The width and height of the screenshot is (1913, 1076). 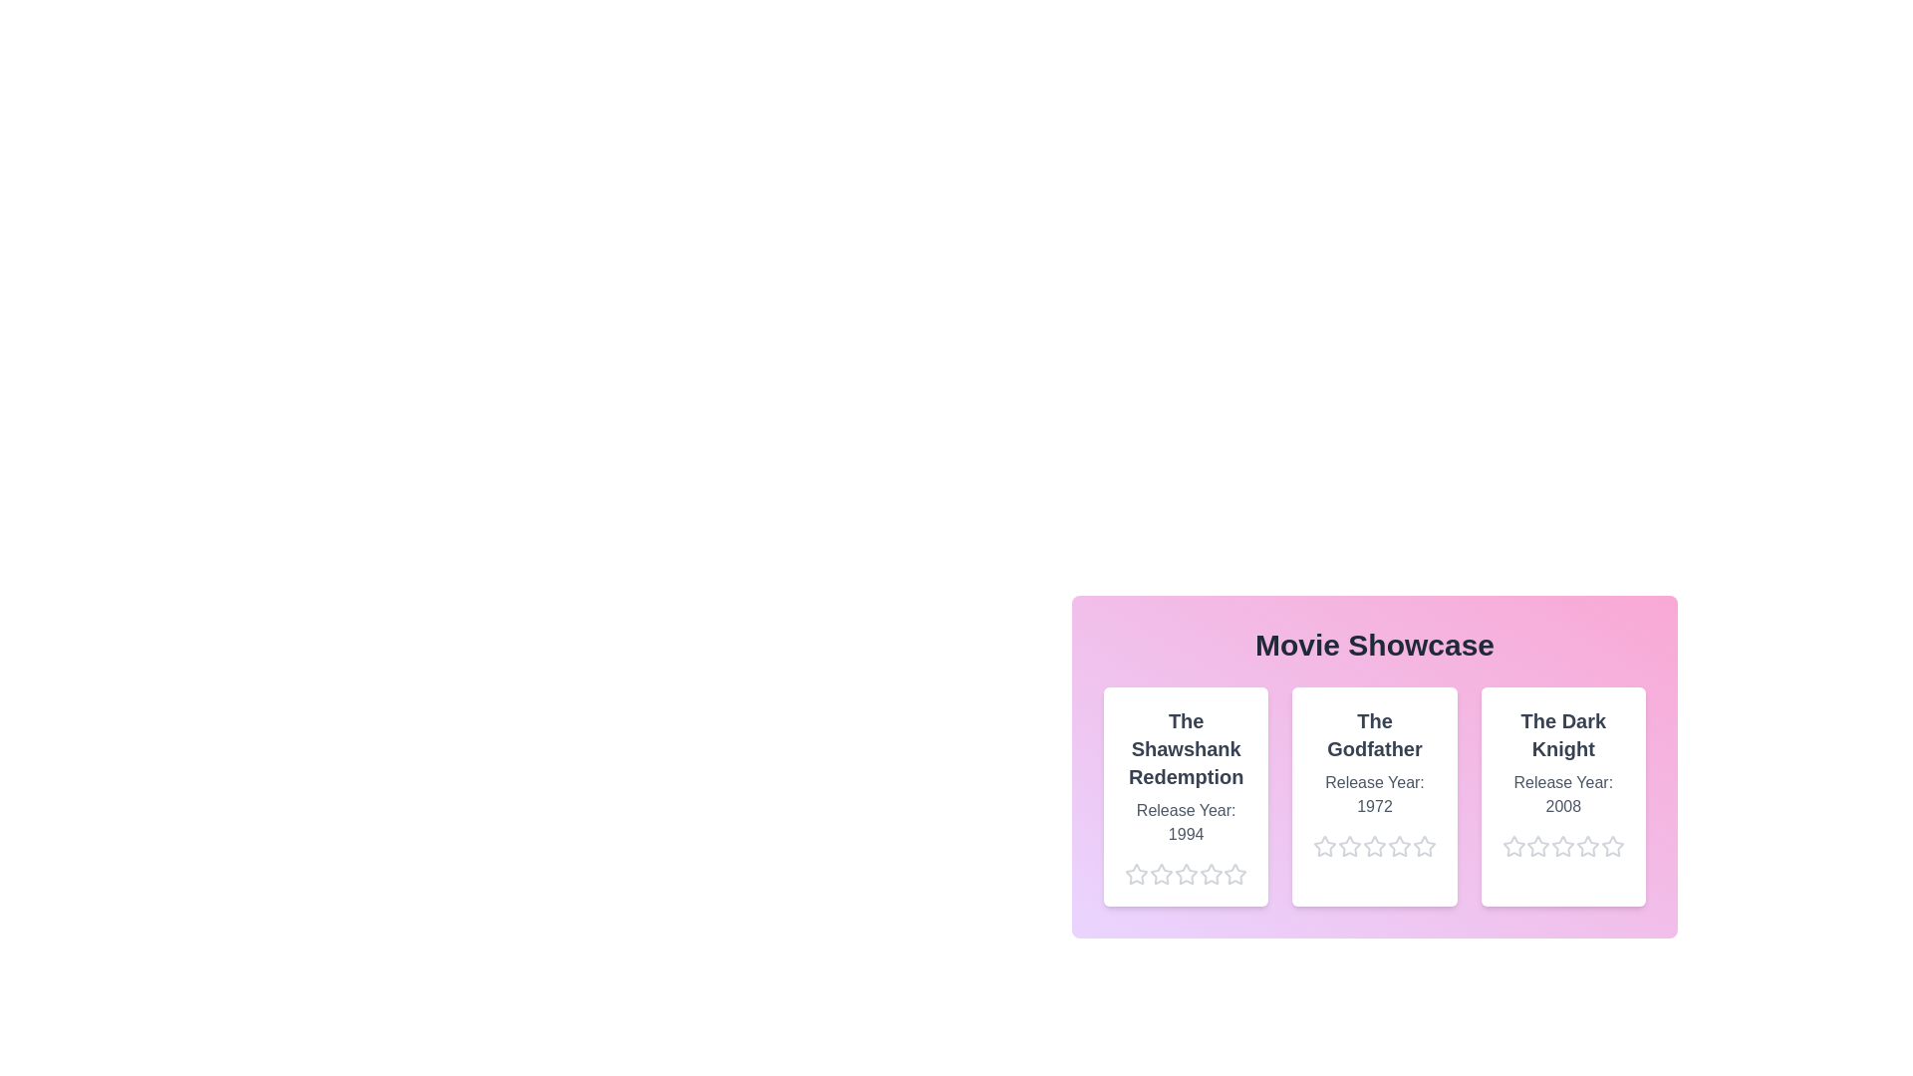 I want to click on the star corresponding to 1 stars for the movie The Dark Knight, so click(x=1502, y=846).